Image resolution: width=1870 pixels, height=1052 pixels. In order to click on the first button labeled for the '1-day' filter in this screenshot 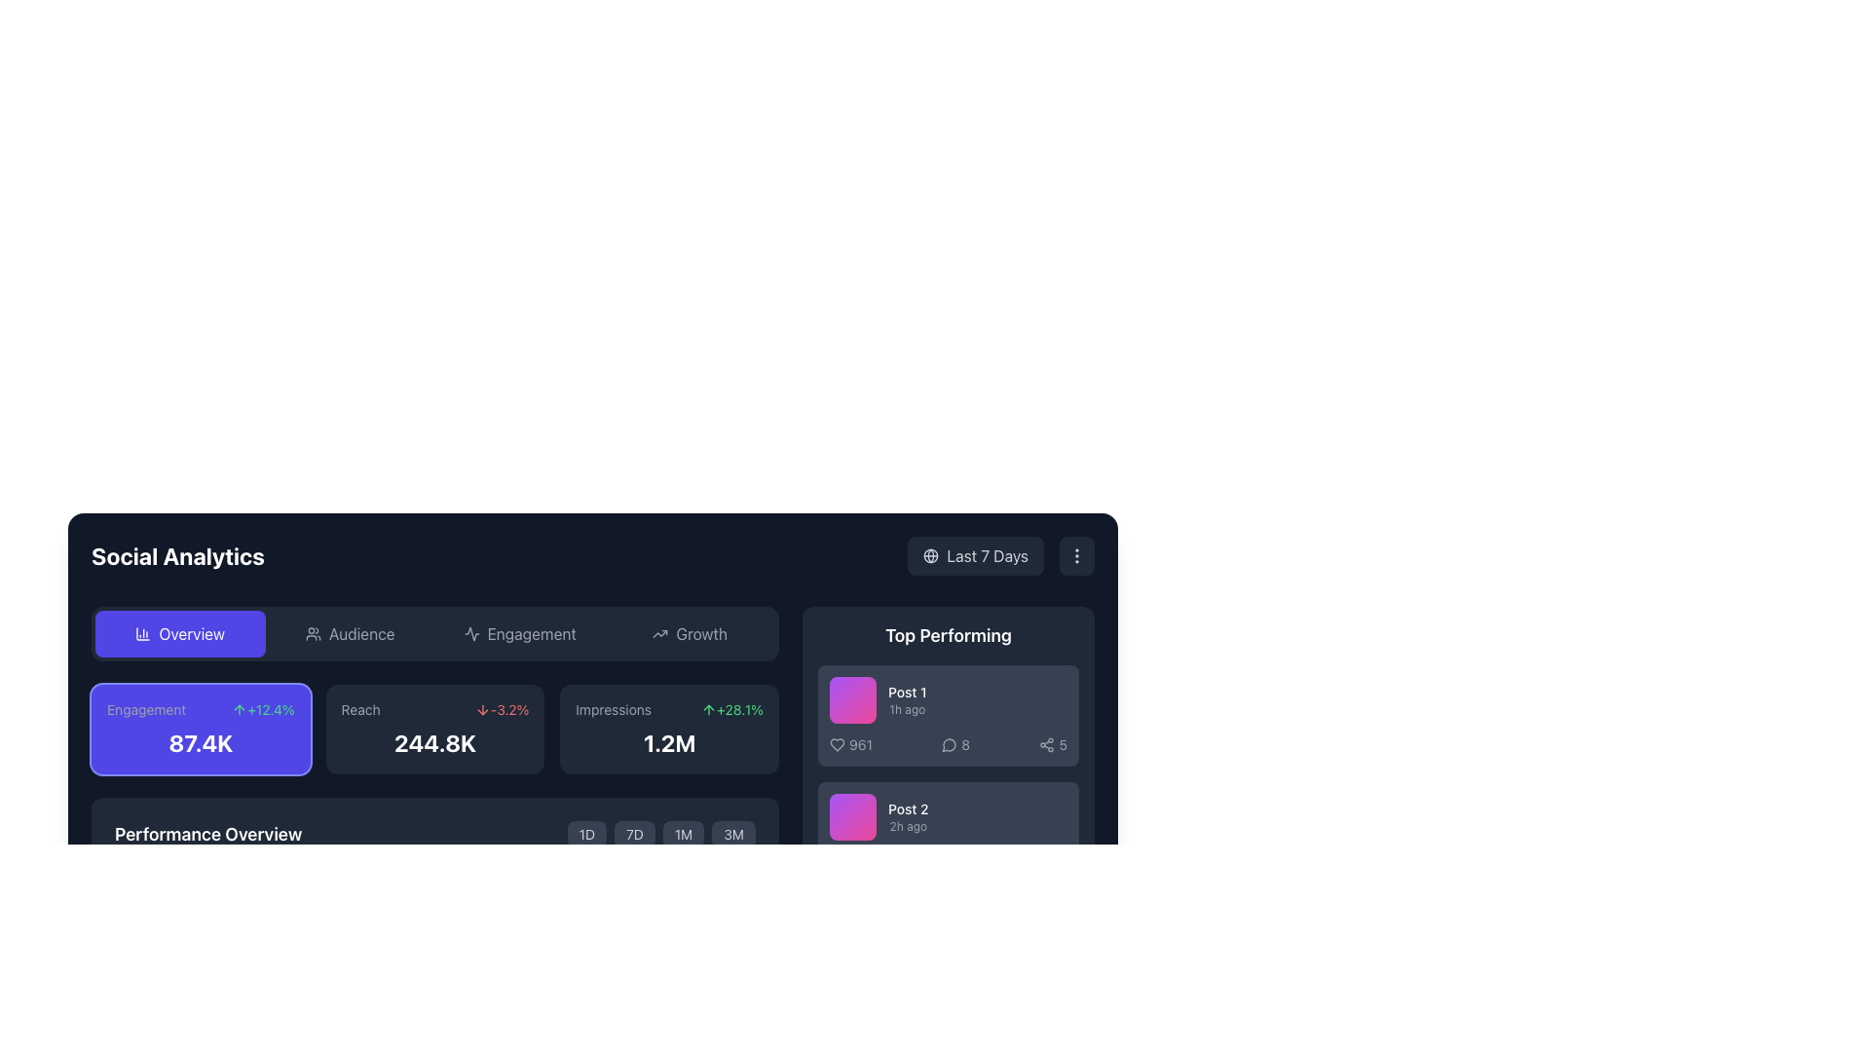, I will do `click(585, 833)`.